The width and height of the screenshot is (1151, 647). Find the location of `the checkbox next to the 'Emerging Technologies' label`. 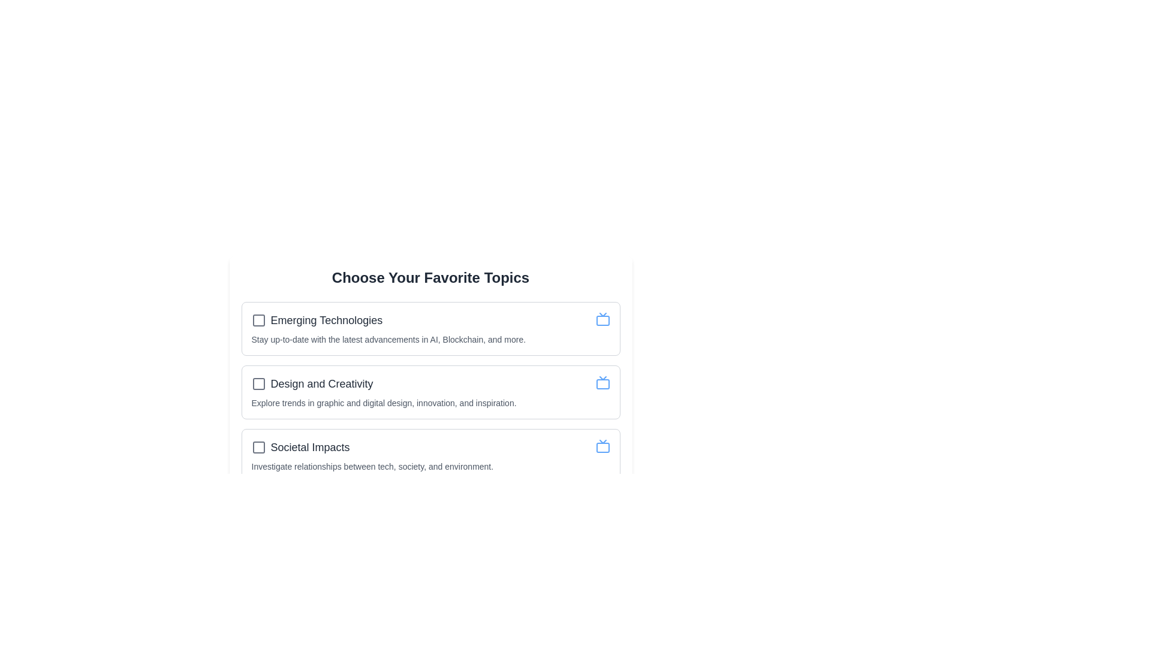

the checkbox next to the 'Emerging Technologies' label is located at coordinates (258, 320).